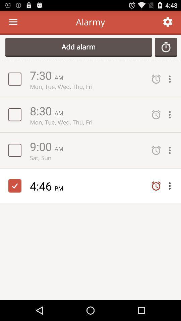 The height and width of the screenshot is (321, 181). Describe the element at coordinates (166, 50) in the screenshot. I see `the time icon` at that location.